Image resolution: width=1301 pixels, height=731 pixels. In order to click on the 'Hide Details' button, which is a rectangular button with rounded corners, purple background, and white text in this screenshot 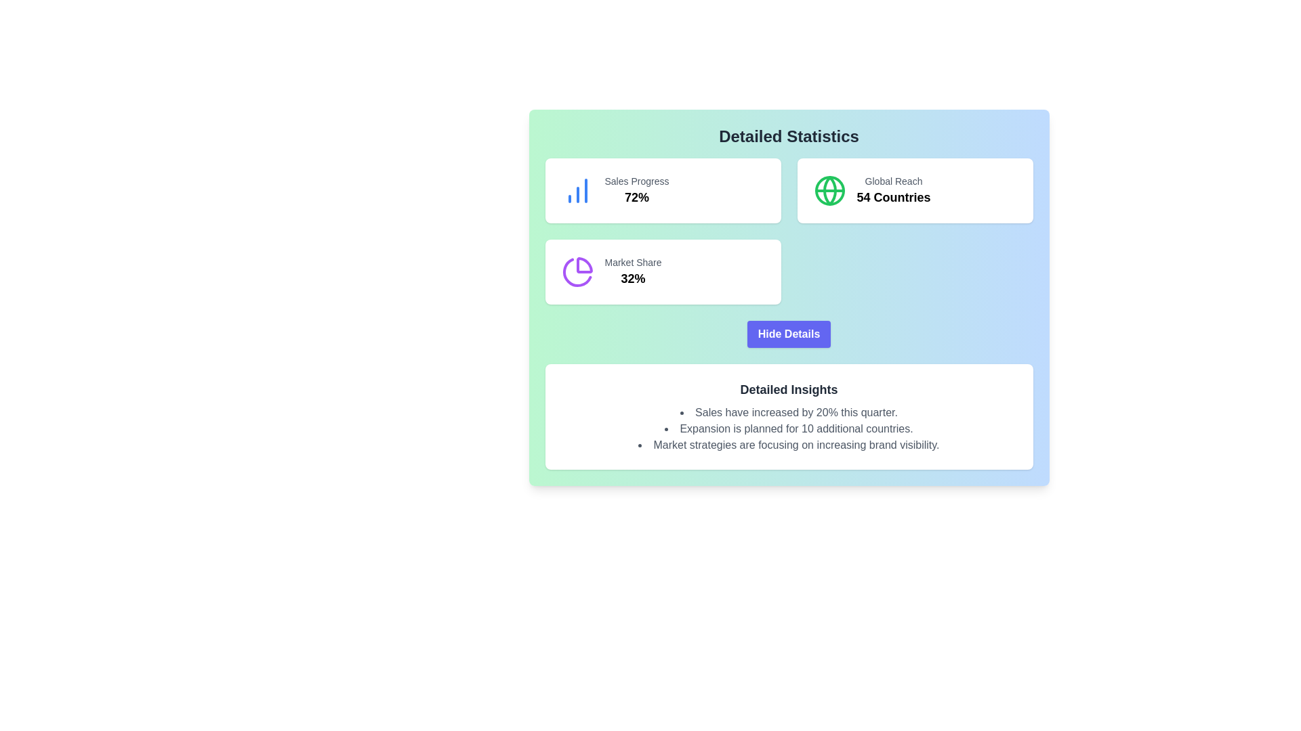, I will do `click(789, 334)`.